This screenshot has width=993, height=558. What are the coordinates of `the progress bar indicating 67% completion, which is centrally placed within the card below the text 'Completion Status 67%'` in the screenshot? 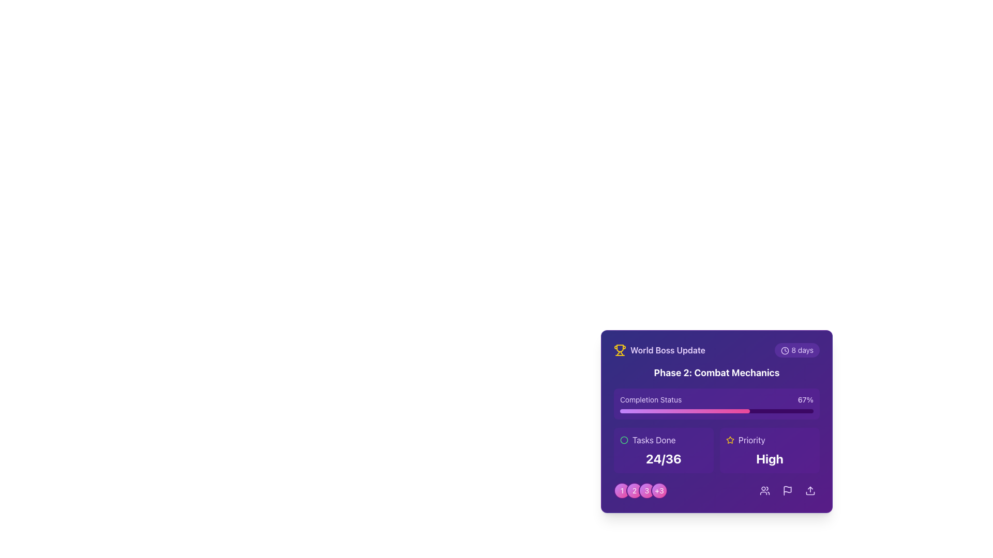 It's located at (716, 410).